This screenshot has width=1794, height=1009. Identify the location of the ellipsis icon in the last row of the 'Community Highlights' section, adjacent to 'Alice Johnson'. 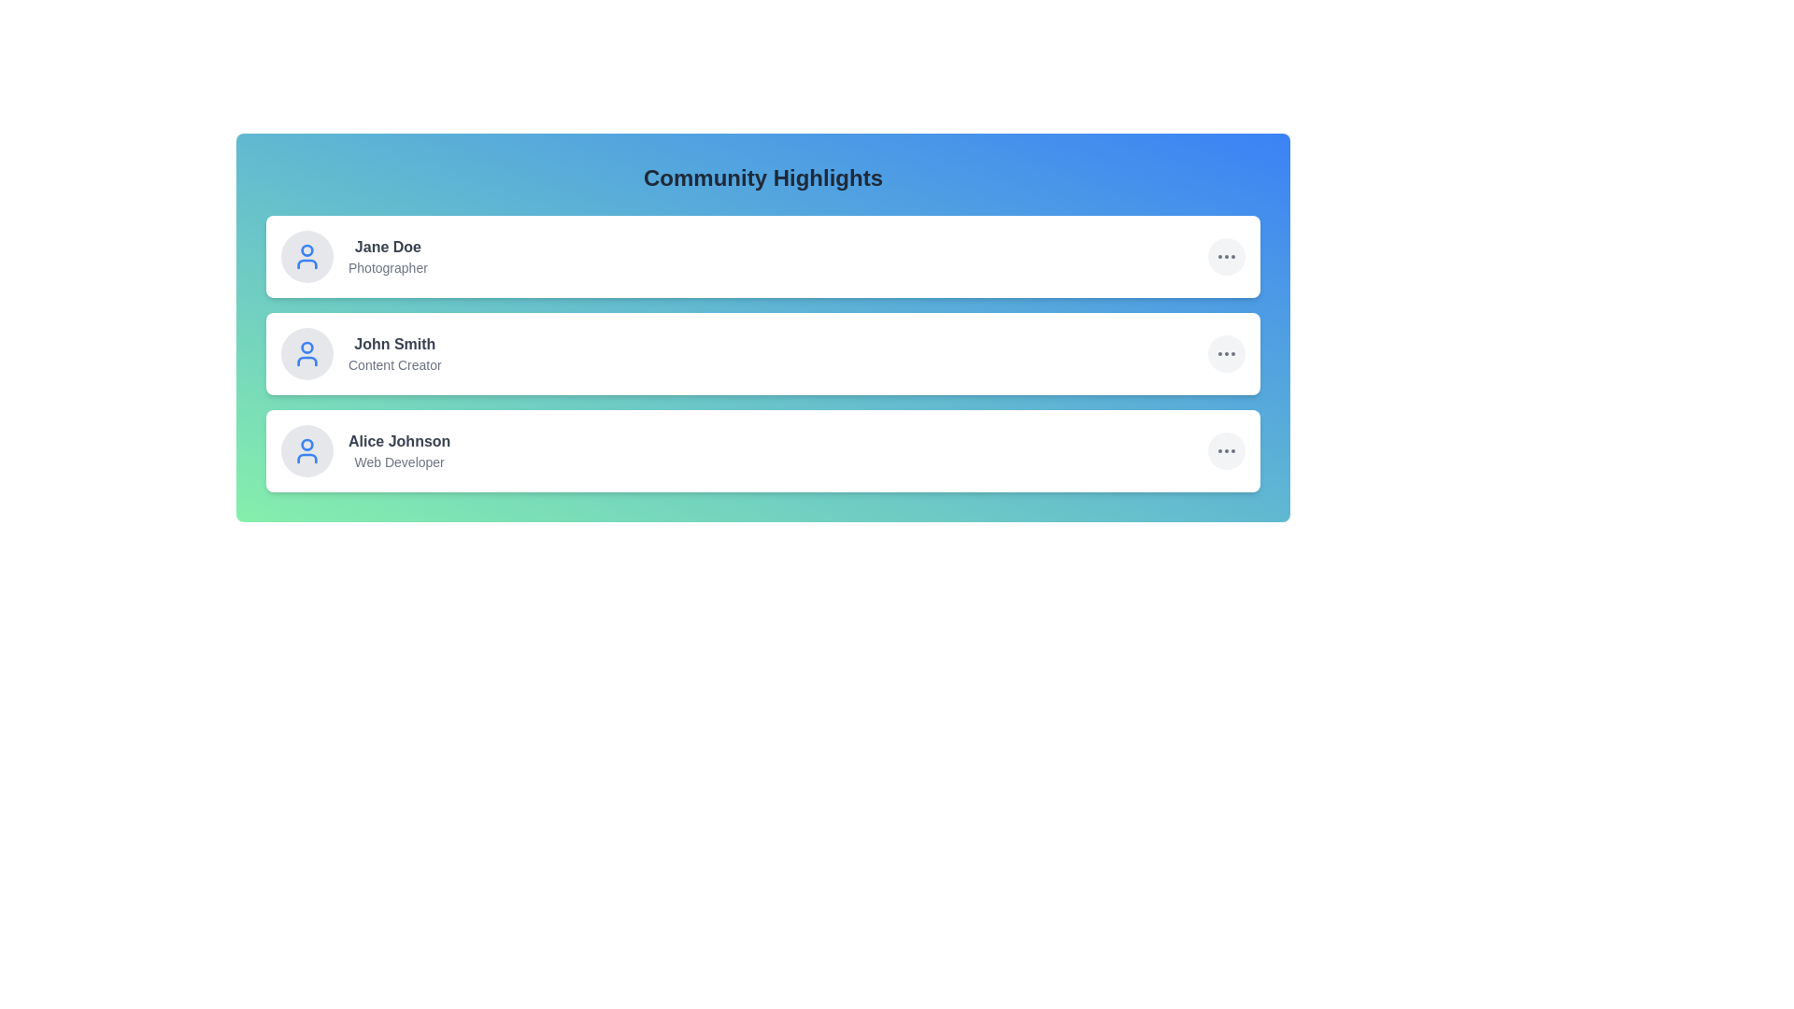
(1227, 450).